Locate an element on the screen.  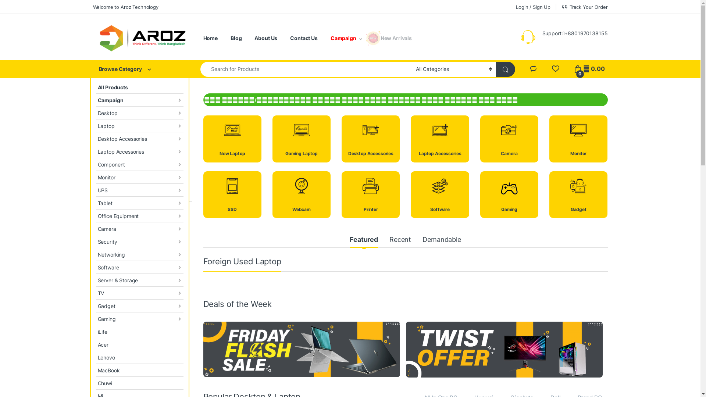
'Lenovo' is located at coordinates (139, 357).